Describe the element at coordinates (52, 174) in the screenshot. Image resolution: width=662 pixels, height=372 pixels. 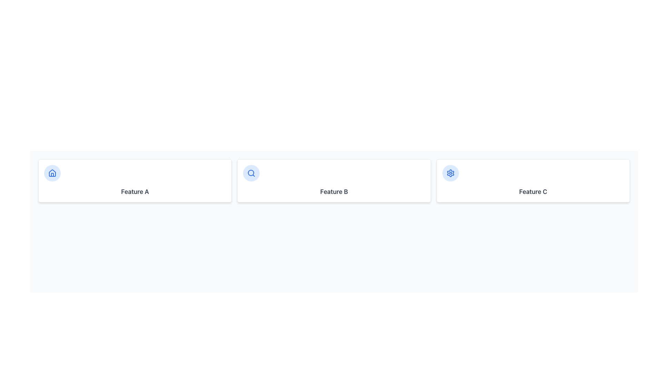
I see `the door element of the house icon located within the 'Feature A' card` at that location.